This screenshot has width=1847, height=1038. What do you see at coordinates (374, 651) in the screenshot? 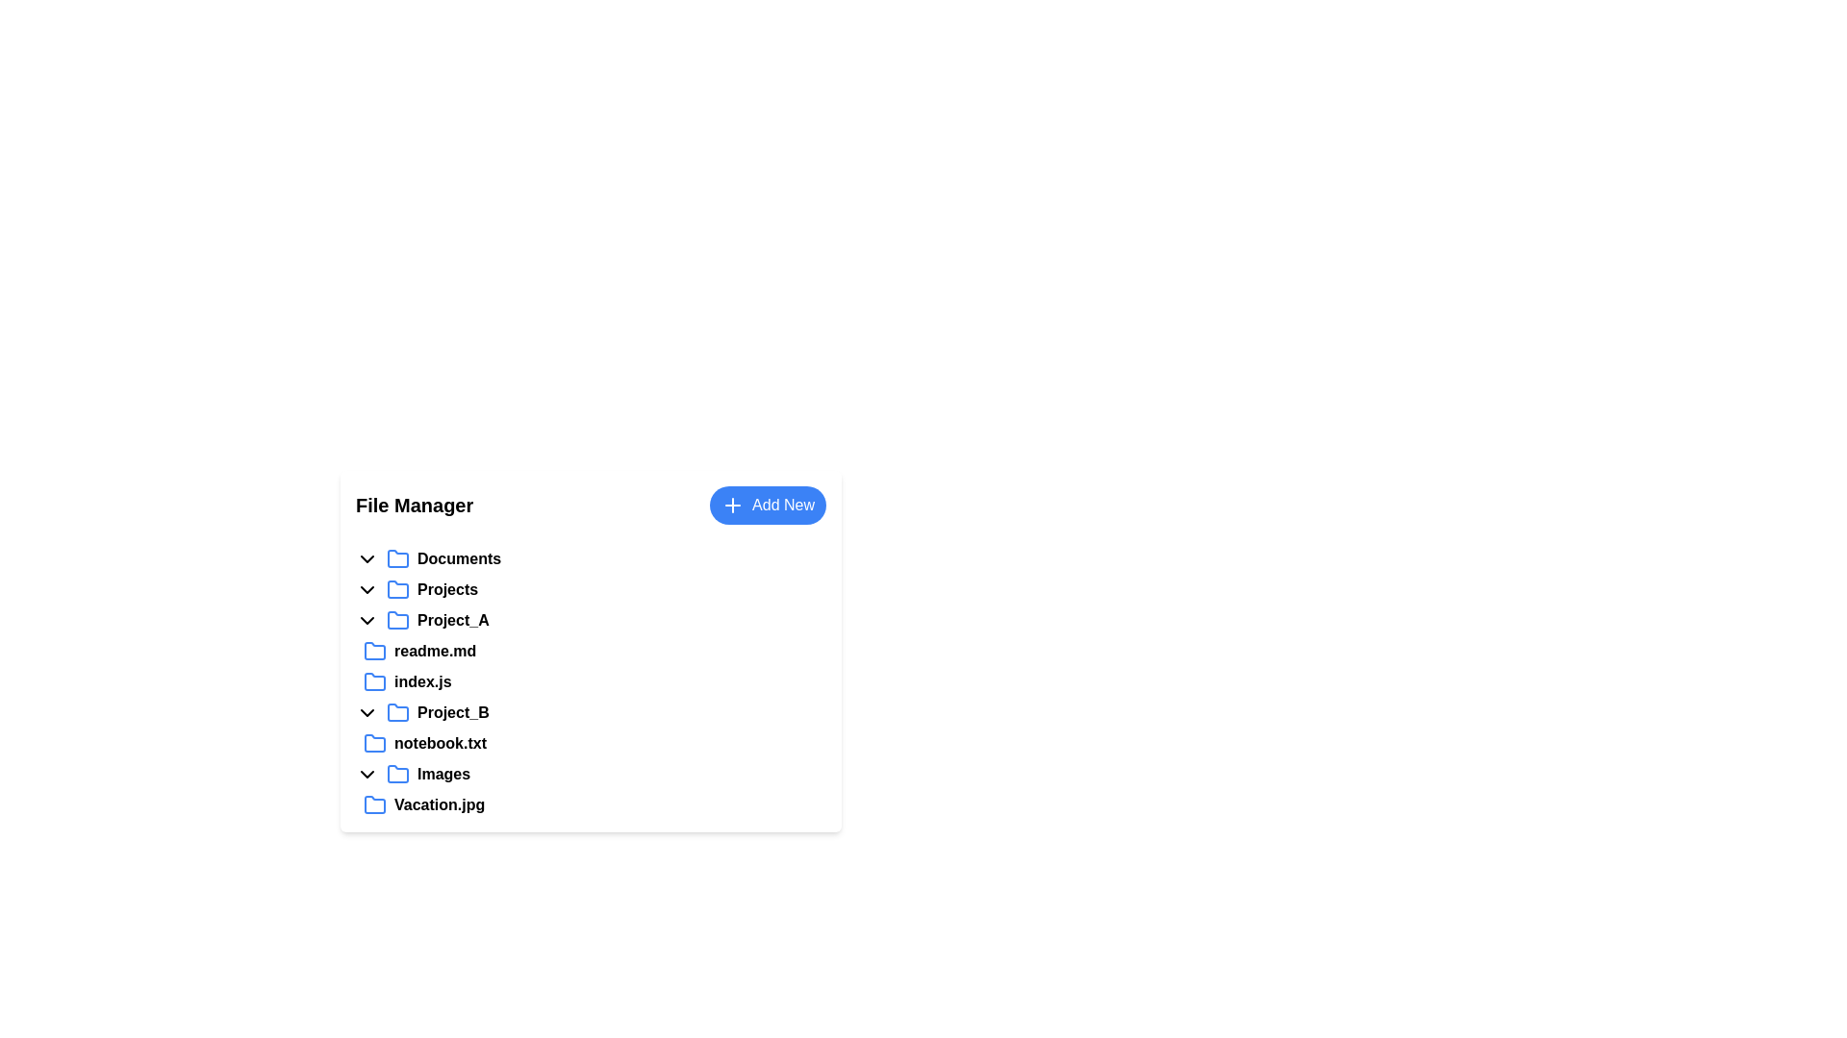
I see `the blue folder icon, which is styled as an SVG vector graphic and located to the left of the 'readme.md' text in the file list under the 'Project_A' folder` at bounding box center [374, 651].